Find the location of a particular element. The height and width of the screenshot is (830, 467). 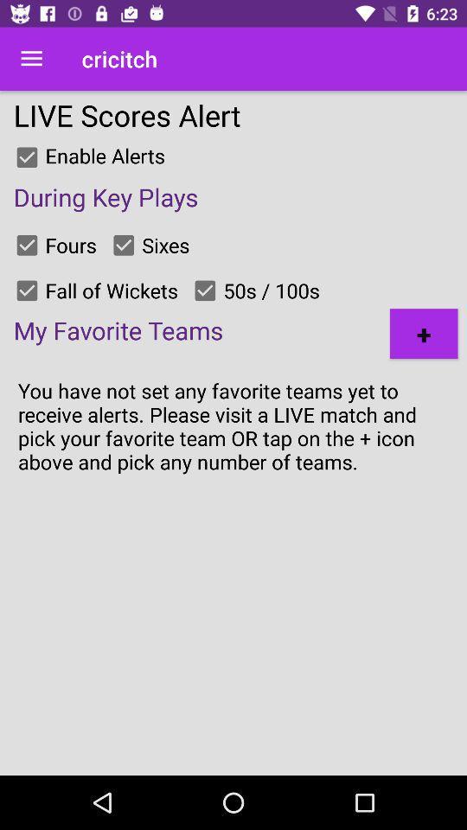

the icon next to 50s / 100s icon is located at coordinates (423, 333).